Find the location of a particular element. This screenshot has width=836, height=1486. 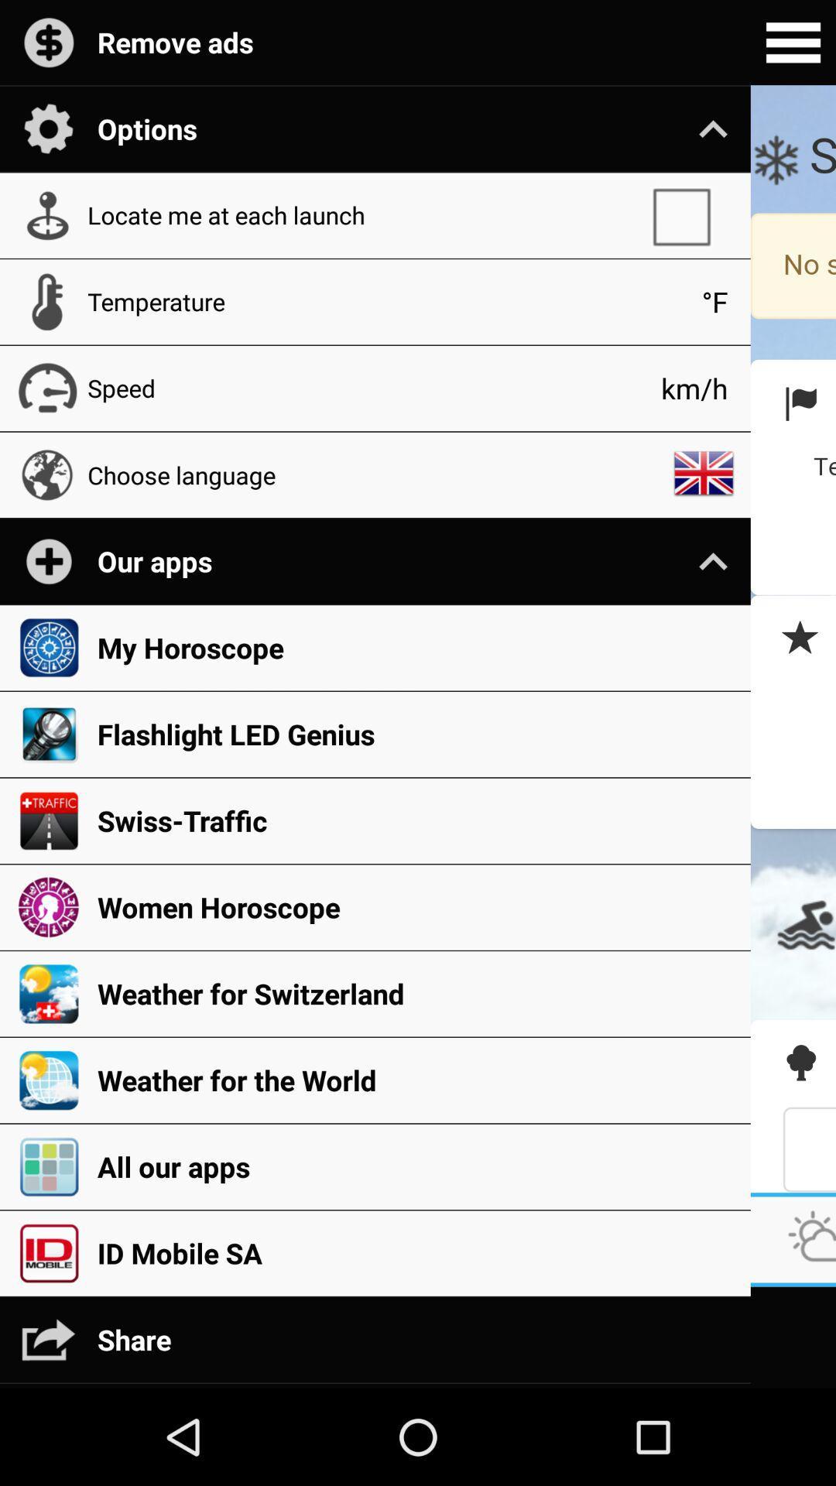

the app to the right of locate me at icon is located at coordinates (688, 214).